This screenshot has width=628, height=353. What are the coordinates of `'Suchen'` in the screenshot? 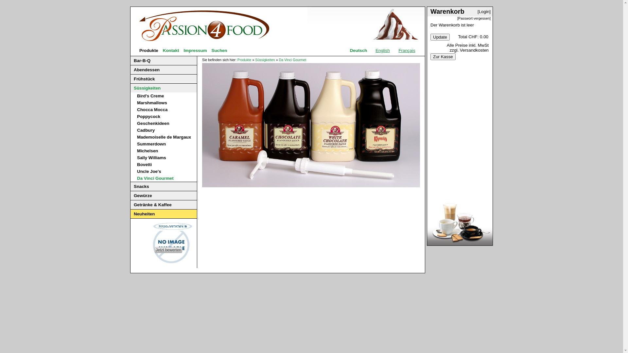 It's located at (219, 50).